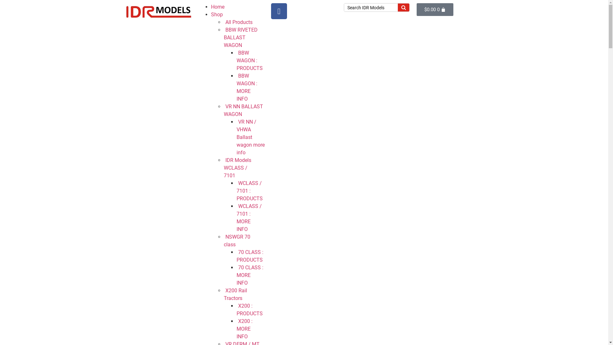 The image size is (613, 345). Describe the element at coordinates (158, 11) in the screenshot. I see `'logo'` at that location.